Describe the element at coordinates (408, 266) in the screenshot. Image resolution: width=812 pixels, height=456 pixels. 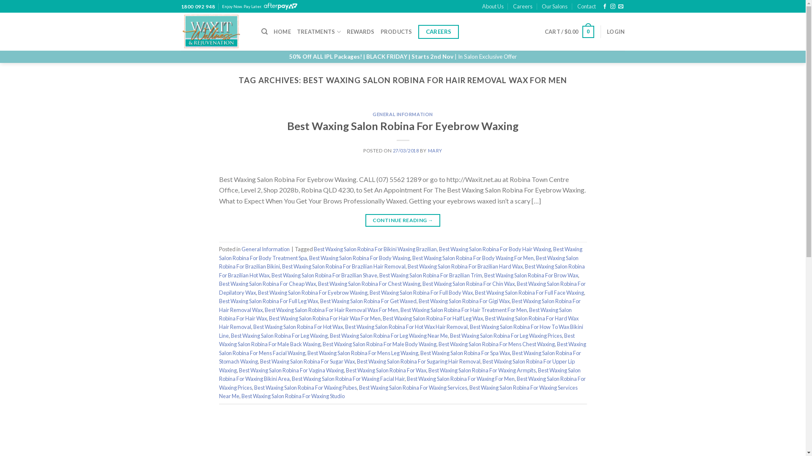
I see `'Best Waxing Salon Robina For Brazilian Hard Wax'` at that location.